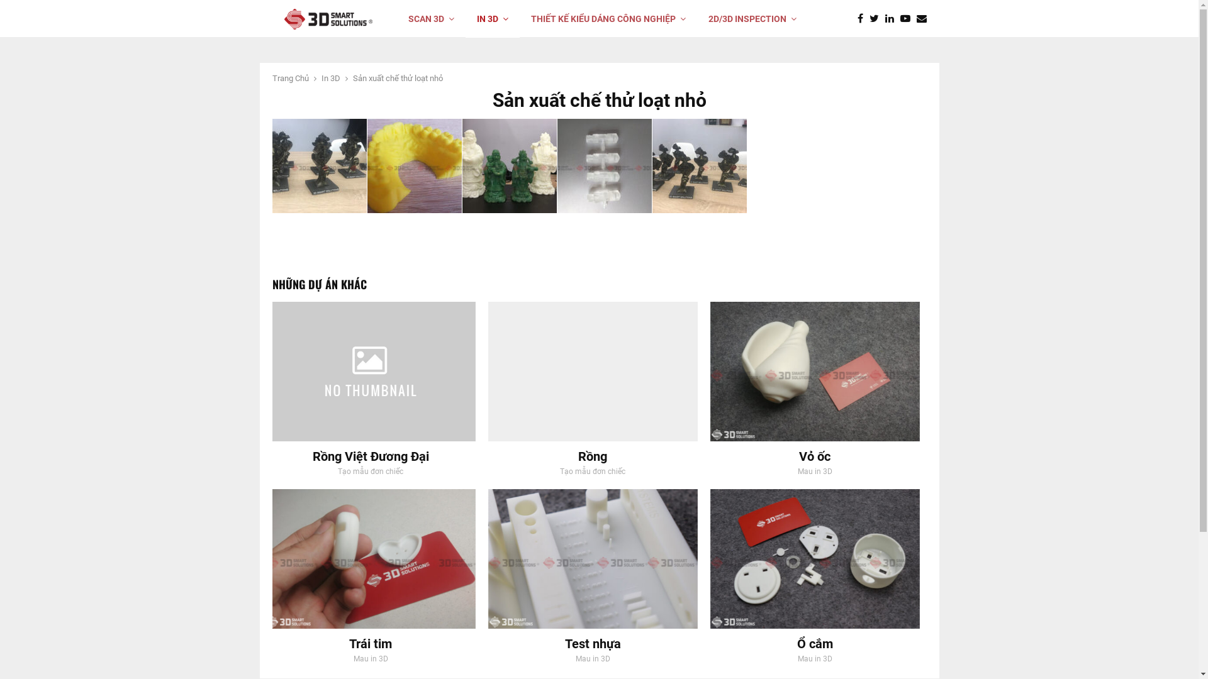 This screenshot has width=1208, height=679. Describe the element at coordinates (924, 19) in the screenshot. I see `'Email'` at that location.